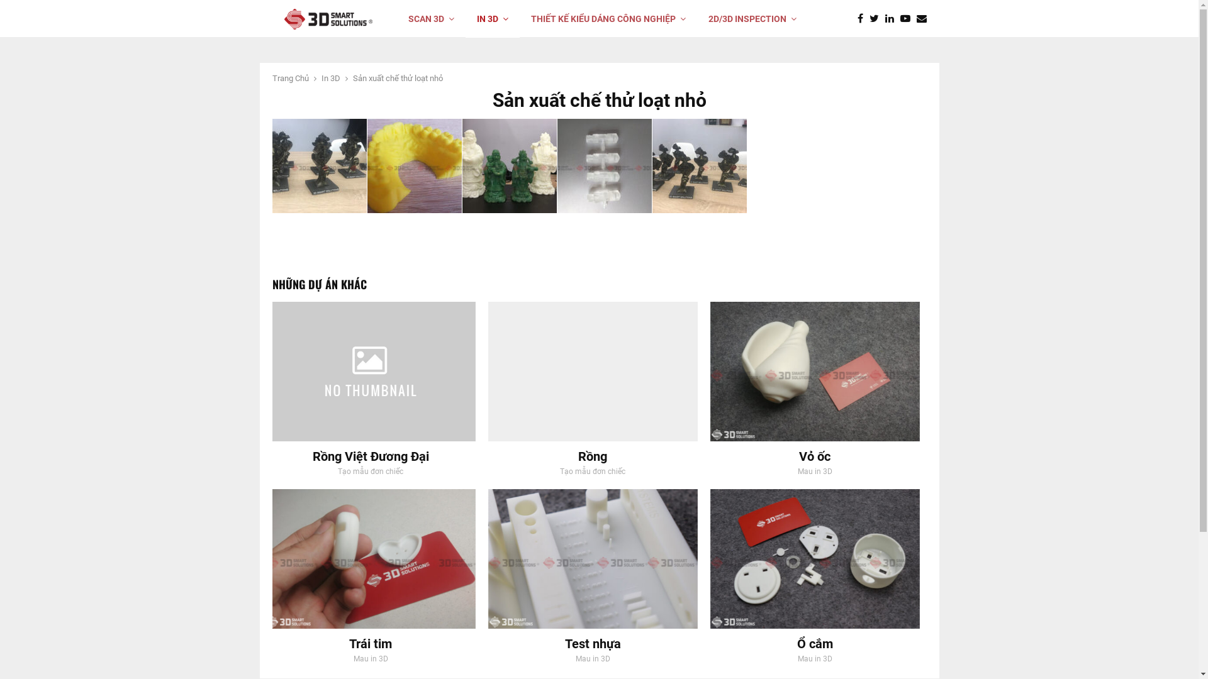 This screenshot has width=1208, height=679. Describe the element at coordinates (924, 19) in the screenshot. I see `'Email'` at that location.